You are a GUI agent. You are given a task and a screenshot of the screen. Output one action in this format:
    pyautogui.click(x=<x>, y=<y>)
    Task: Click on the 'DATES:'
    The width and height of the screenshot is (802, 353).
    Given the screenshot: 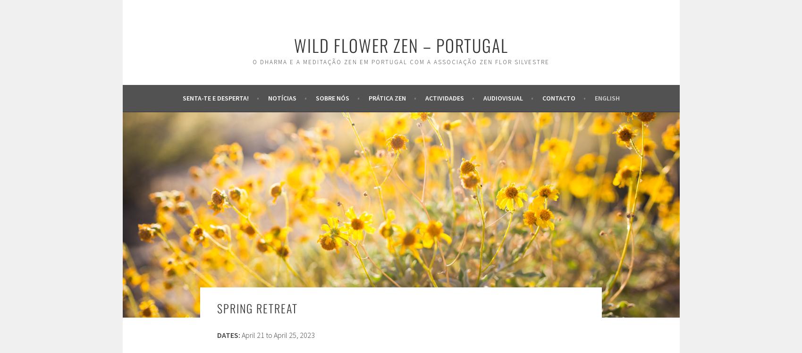 What is the action you would take?
    pyautogui.click(x=228, y=334)
    